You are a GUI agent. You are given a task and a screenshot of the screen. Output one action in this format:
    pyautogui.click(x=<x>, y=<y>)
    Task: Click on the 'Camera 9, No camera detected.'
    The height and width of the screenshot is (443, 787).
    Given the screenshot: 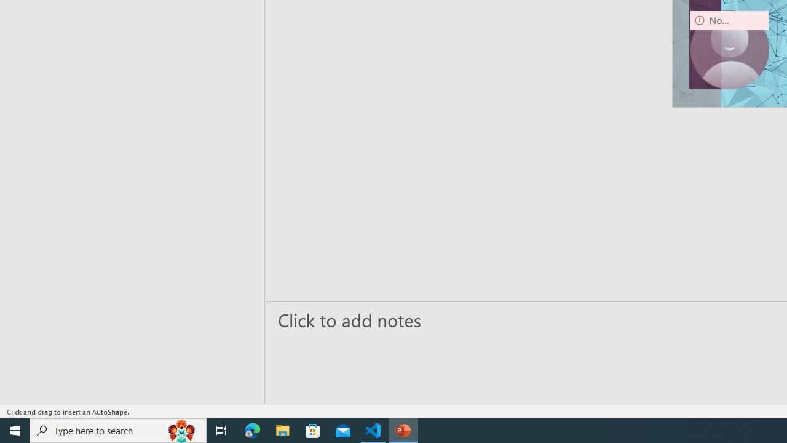 What is the action you would take?
    pyautogui.click(x=729, y=49)
    